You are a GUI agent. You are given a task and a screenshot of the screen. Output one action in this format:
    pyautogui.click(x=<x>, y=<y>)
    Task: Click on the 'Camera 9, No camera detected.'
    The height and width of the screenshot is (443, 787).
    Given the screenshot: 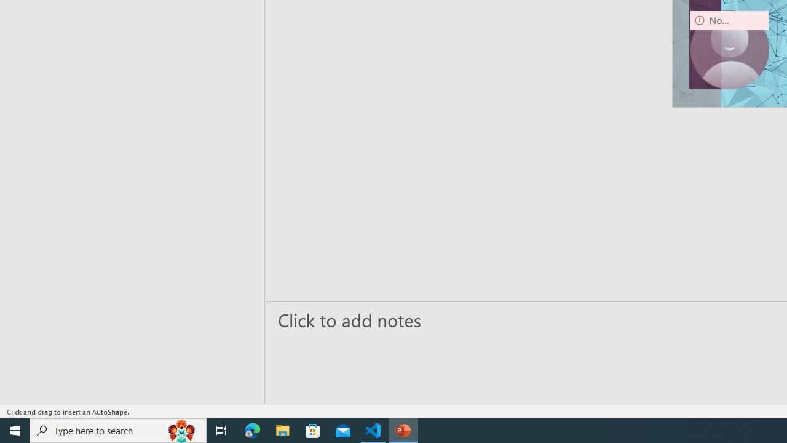 What is the action you would take?
    pyautogui.click(x=729, y=49)
    